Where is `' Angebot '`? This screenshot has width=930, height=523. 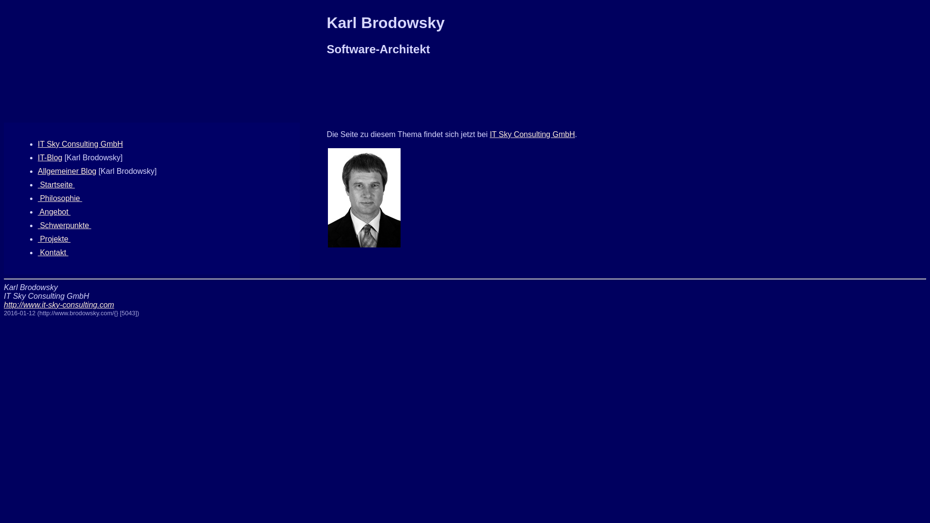
' Angebot ' is located at coordinates (53, 211).